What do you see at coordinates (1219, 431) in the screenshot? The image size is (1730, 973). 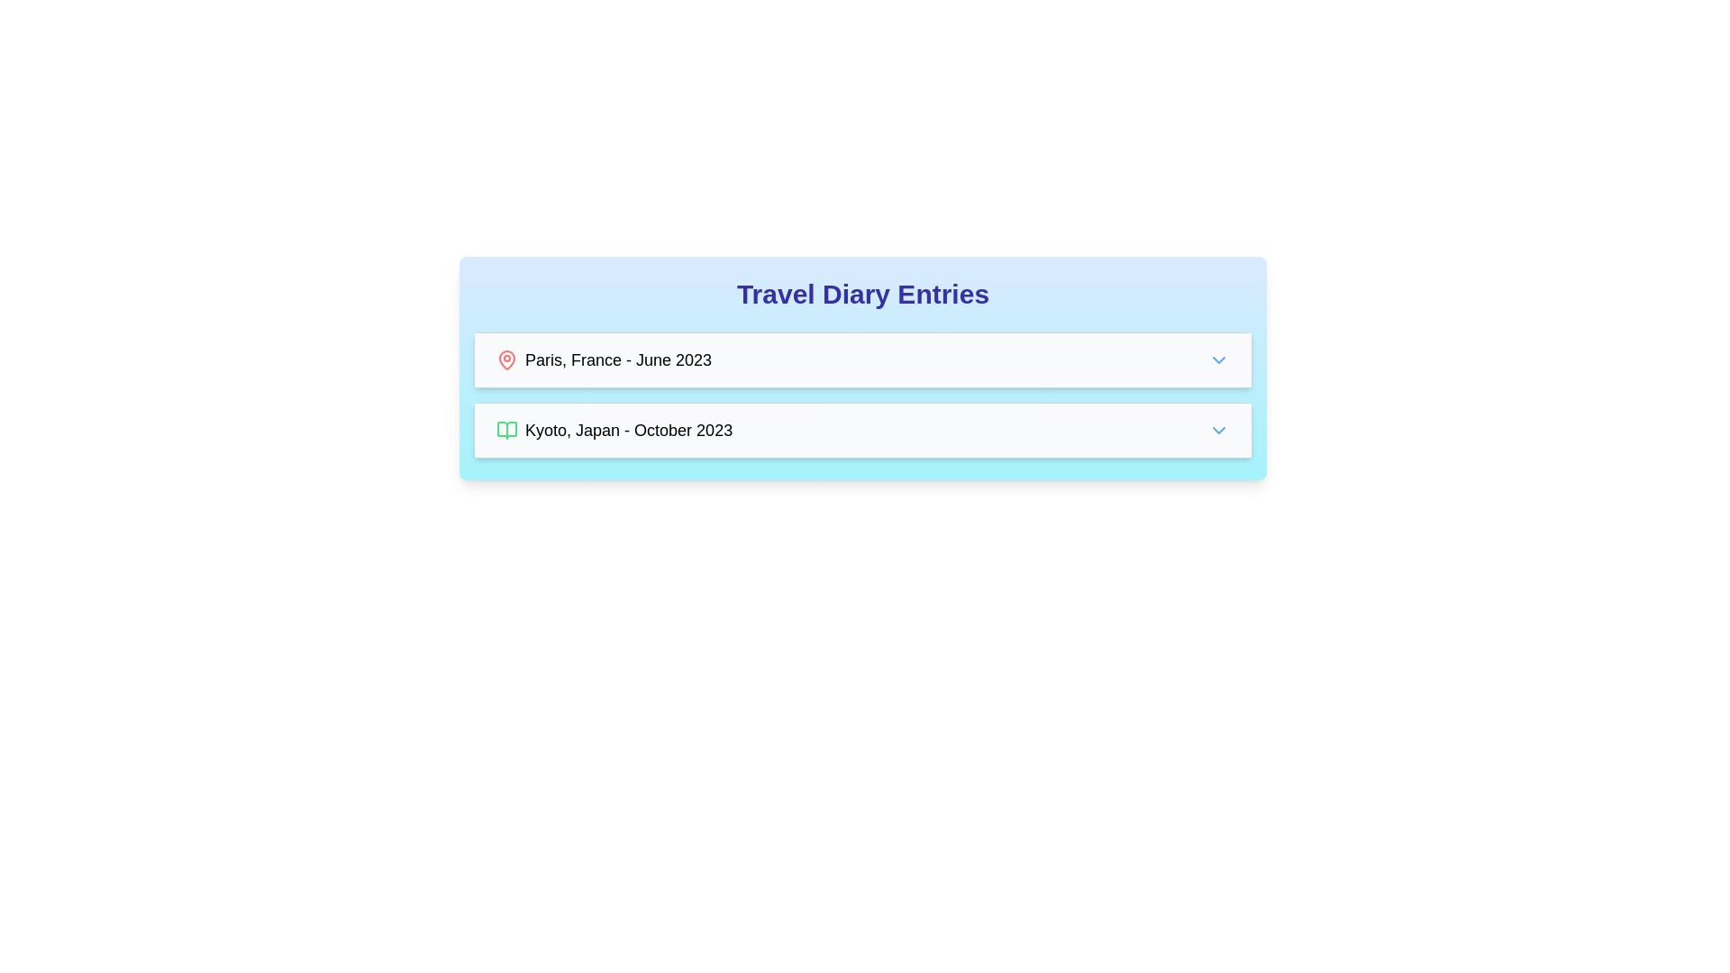 I see `the chevron icon located at the far right of the 'Kyoto, Japan - October 2023' entry row` at bounding box center [1219, 431].